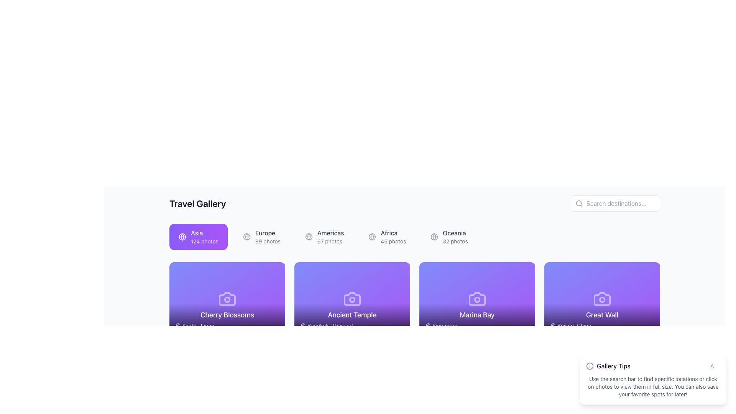 The width and height of the screenshot is (736, 414). What do you see at coordinates (246, 236) in the screenshot?
I see `the visual representation of the second line element of the SVG globe icon that represents the 'Europe' region in the travel gallery interface` at bounding box center [246, 236].